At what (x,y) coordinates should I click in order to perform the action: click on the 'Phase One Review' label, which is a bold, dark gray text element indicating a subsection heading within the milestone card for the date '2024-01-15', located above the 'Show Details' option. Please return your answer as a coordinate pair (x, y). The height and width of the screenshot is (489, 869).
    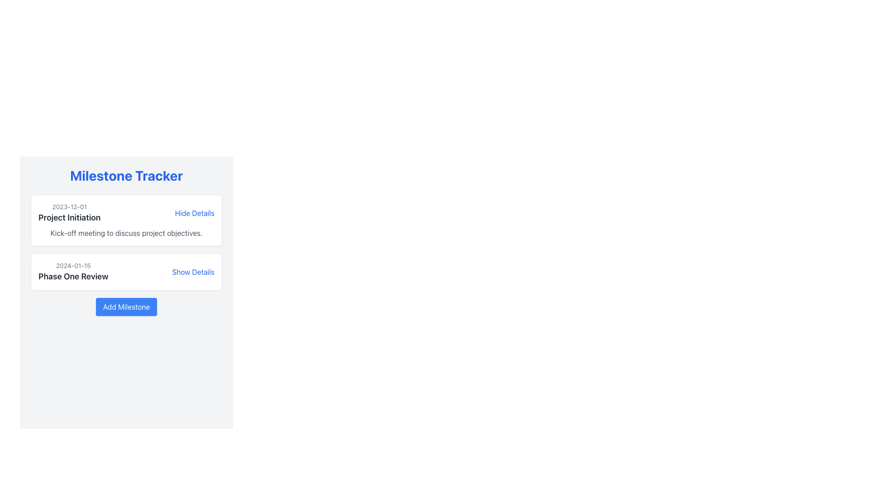
    Looking at the image, I should click on (73, 276).